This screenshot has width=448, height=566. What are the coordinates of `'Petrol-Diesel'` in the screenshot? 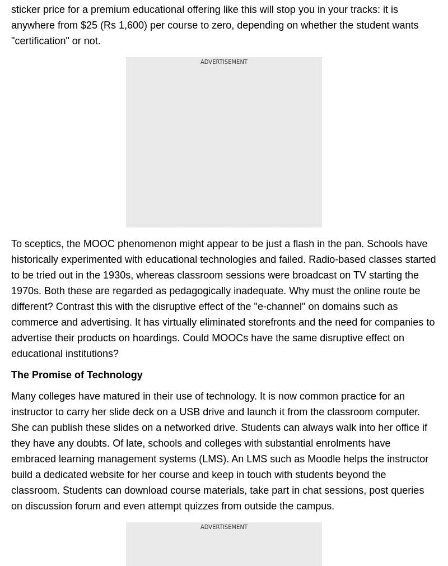 It's located at (249, 54).